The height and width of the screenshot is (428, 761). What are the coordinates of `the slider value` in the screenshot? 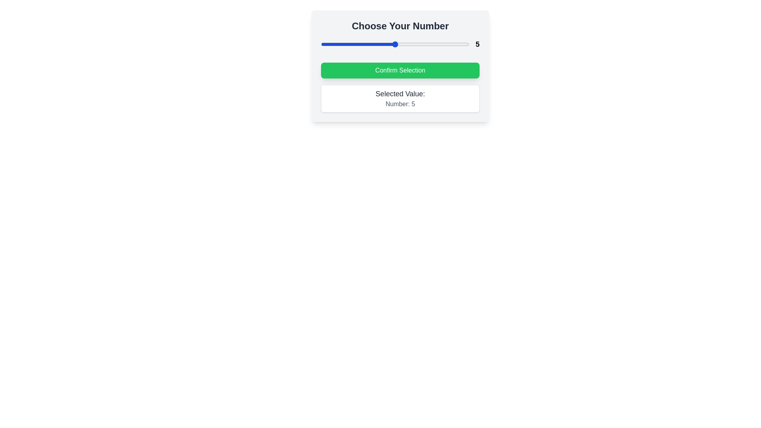 It's located at (321, 44).